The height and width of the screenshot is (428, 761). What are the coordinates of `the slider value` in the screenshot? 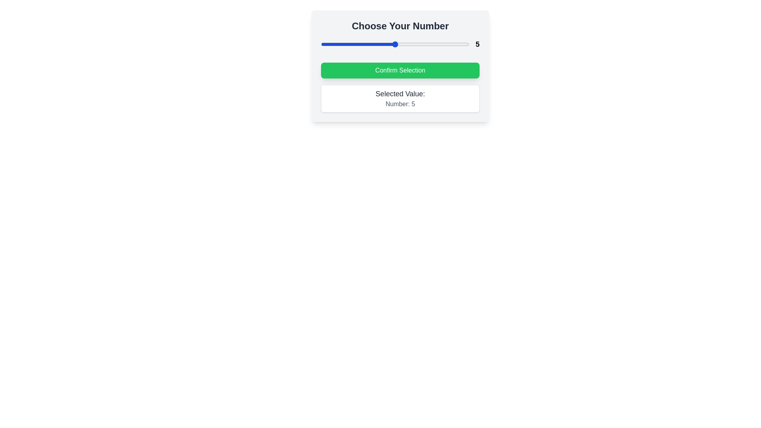 It's located at (321, 44).